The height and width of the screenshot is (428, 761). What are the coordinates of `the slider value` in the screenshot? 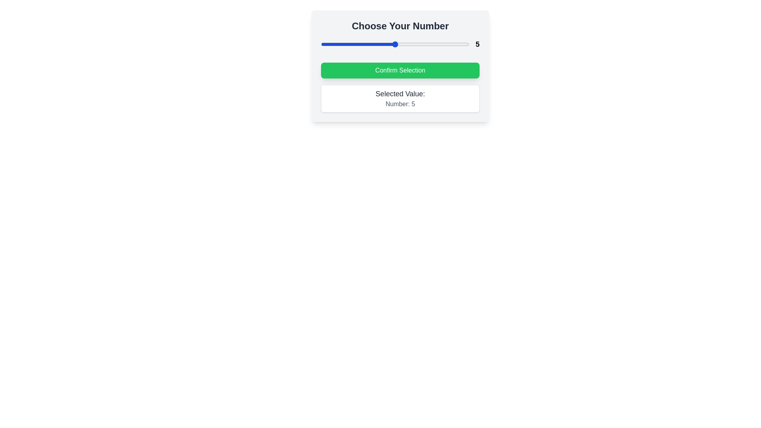 It's located at (321, 44).